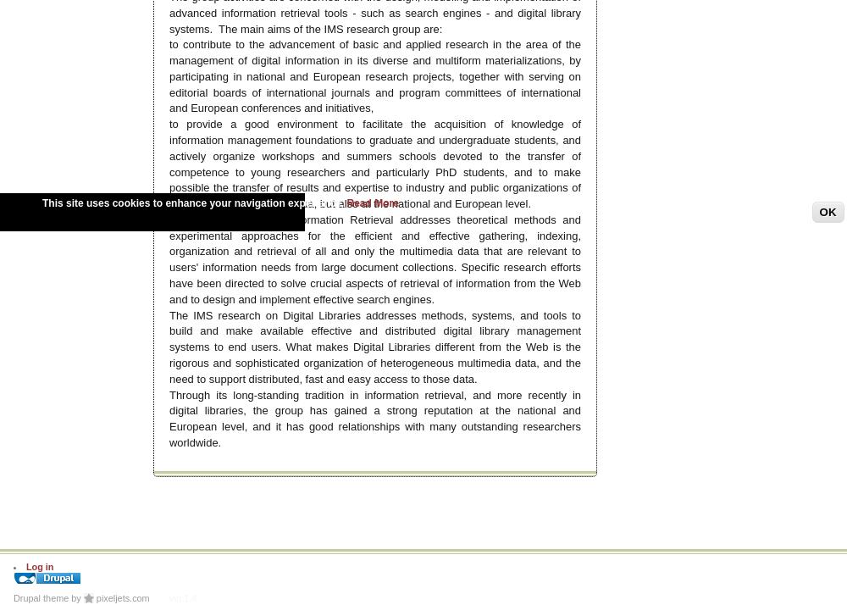 The width and height of the screenshot is (847, 616). I want to click on 'pixeljets.com', so click(122, 596).